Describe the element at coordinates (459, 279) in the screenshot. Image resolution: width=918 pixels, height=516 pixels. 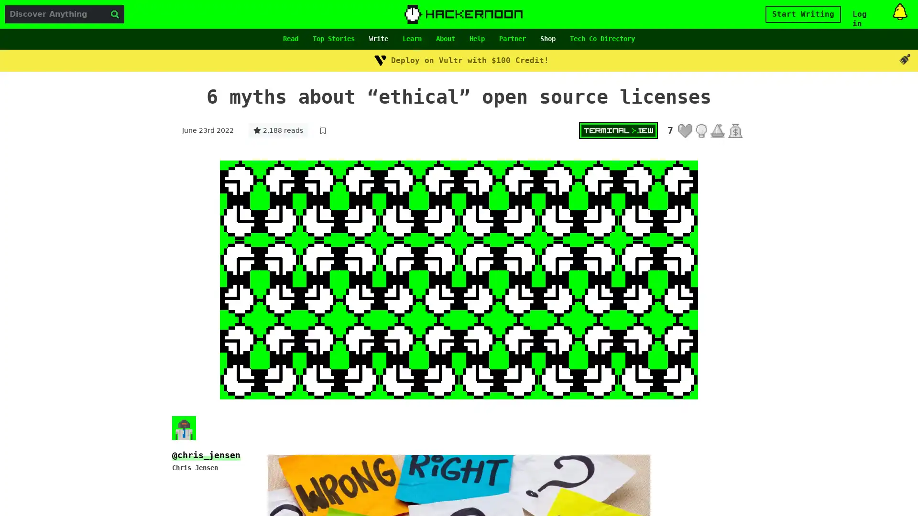
I see `Zoom image` at that location.